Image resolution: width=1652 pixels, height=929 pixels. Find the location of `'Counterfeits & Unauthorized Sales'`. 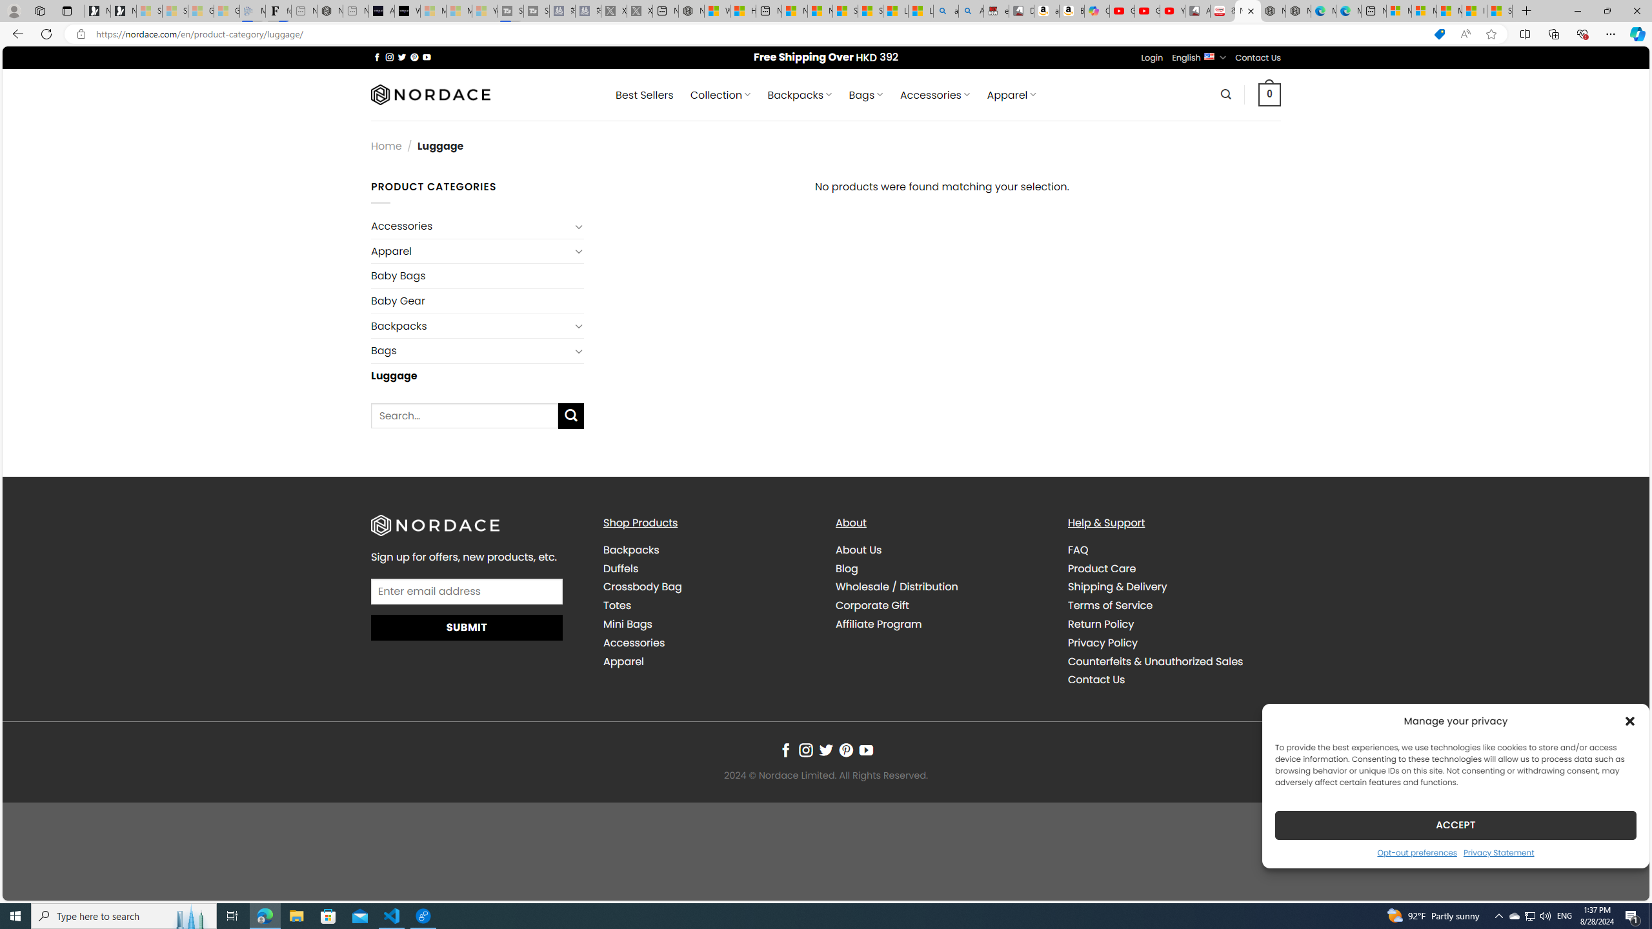

'Counterfeits & Unauthorized Sales' is located at coordinates (1173, 662).